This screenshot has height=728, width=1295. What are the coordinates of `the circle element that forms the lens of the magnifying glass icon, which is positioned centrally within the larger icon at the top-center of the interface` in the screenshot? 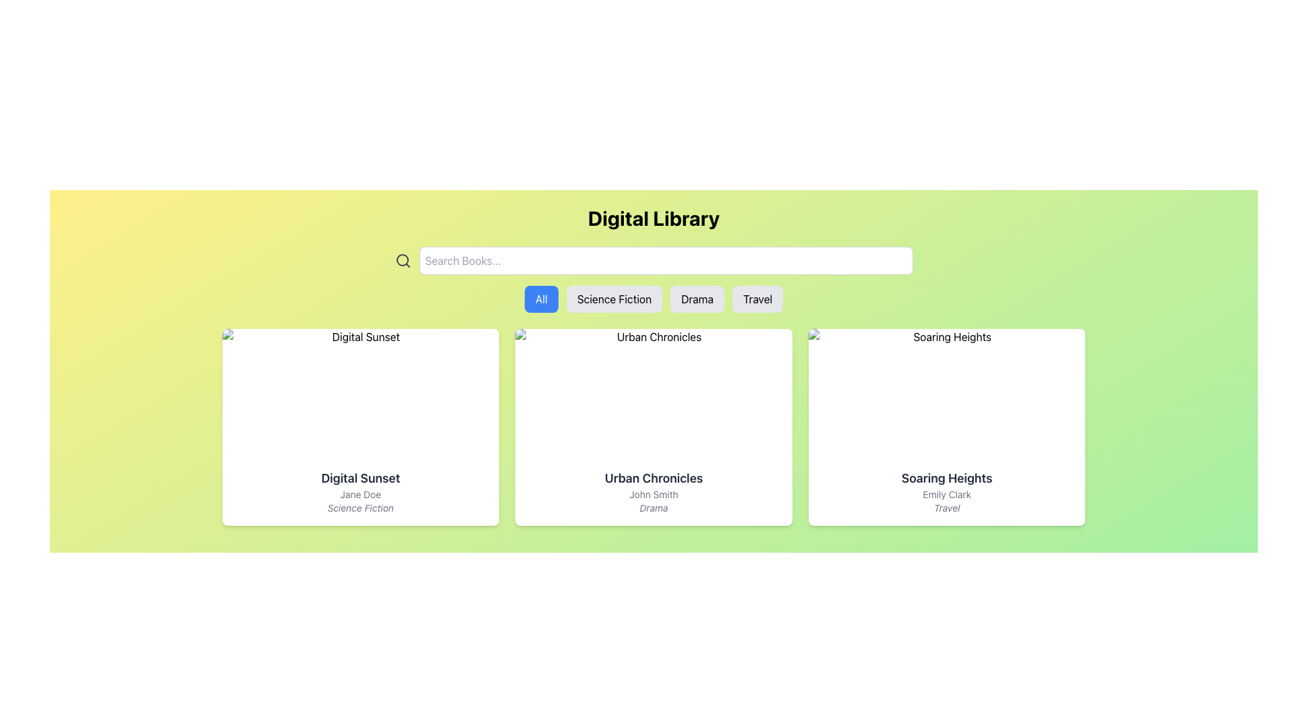 It's located at (401, 260).